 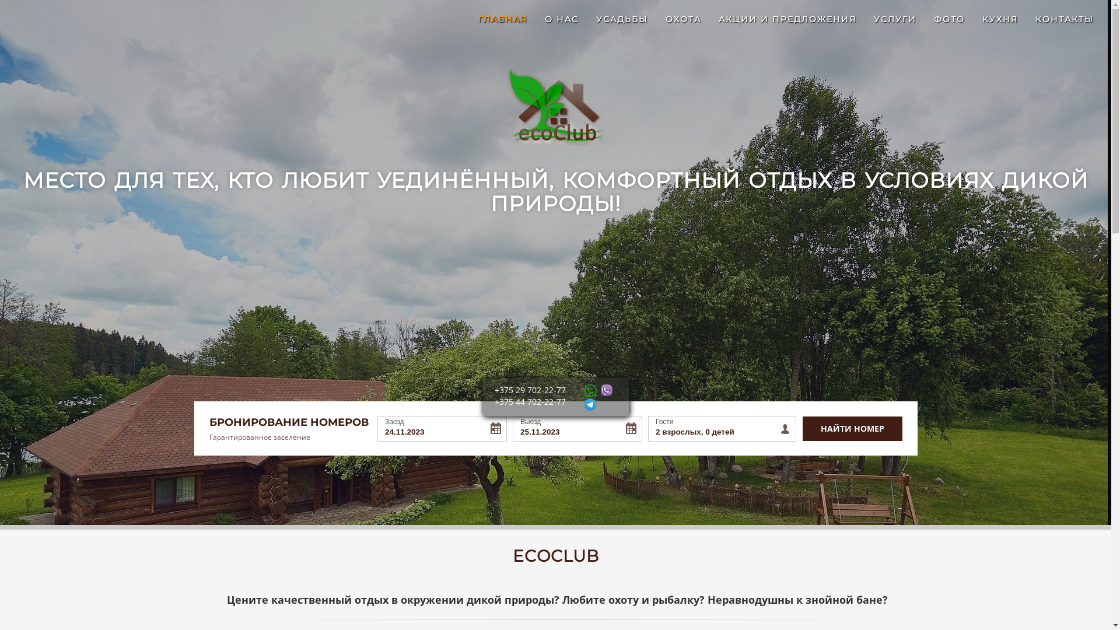 I want to click on '+375 29 702-22-77', so click(x=529, y=390).